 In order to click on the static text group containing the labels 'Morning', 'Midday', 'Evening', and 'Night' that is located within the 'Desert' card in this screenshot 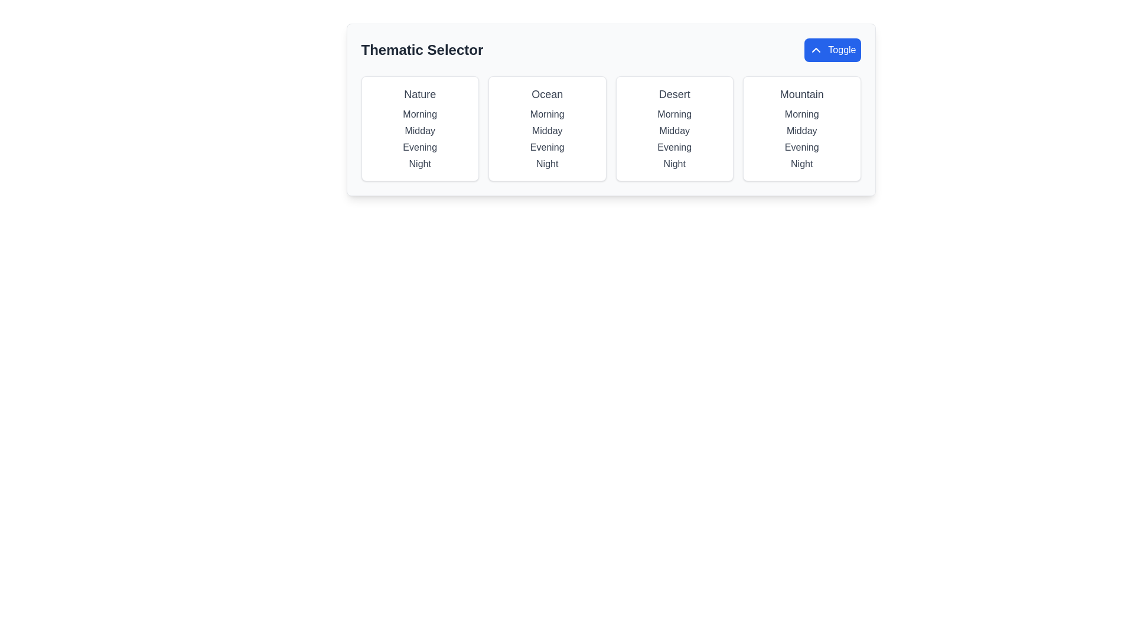, I will do `click(674, 138)`.